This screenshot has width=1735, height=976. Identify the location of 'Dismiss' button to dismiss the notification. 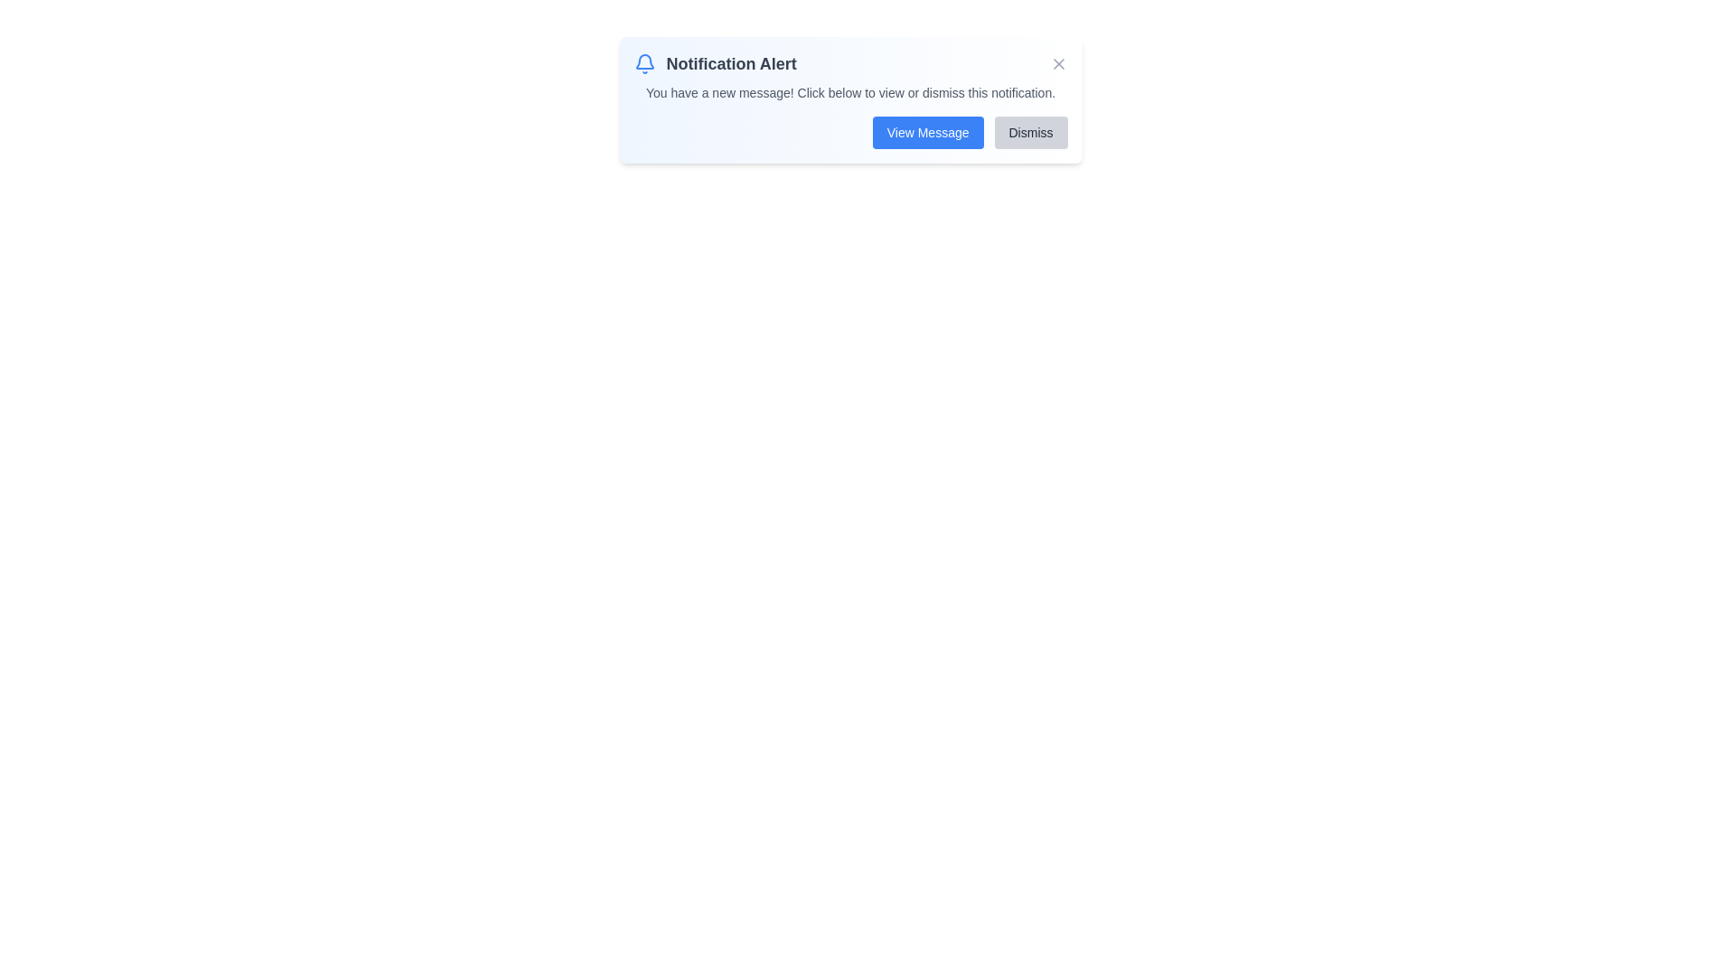
(1031, 131).